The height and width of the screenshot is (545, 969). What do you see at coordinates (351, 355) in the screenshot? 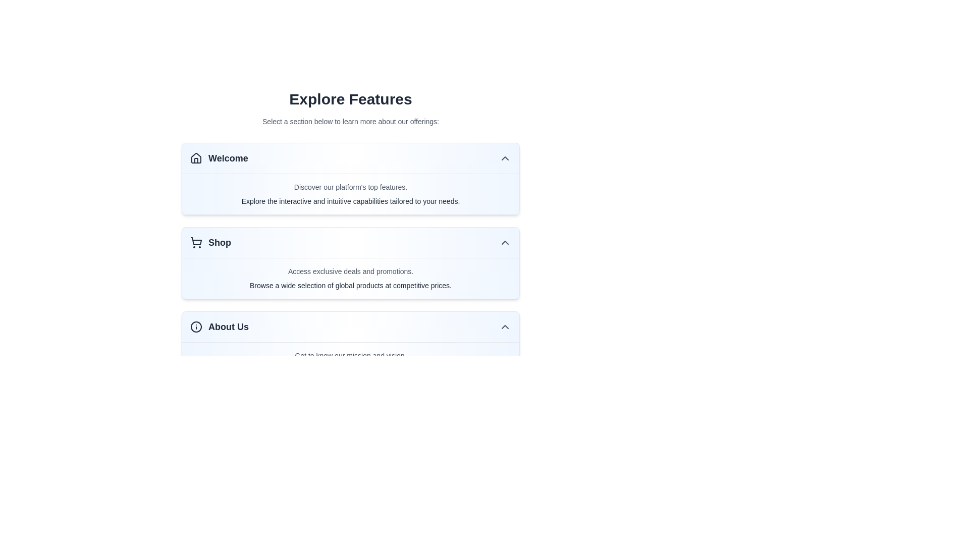
I see `the static text element displaying 'Get to know our mission and vision.' located in the 'About Us' section` at bounding box center [351, 355].